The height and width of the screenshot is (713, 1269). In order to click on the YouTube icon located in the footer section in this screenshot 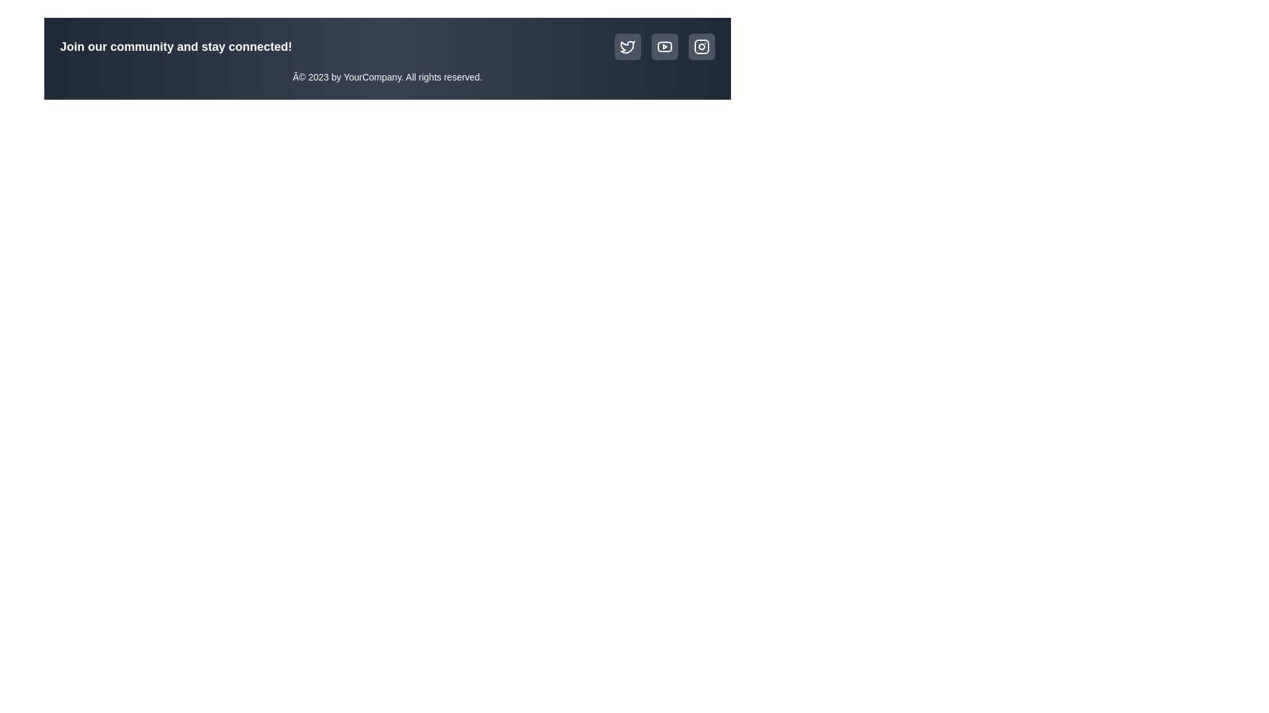, I will do `click(665, 46)`.